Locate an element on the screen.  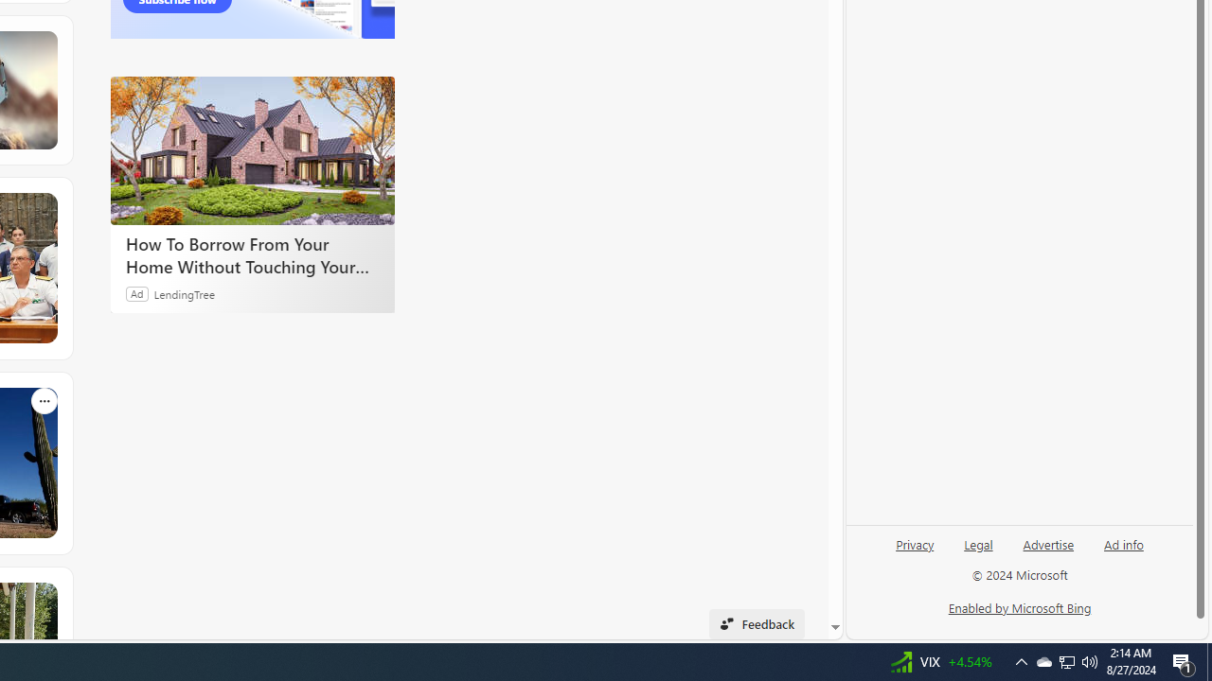
'Feedback' is located at coordinates (756, 623).